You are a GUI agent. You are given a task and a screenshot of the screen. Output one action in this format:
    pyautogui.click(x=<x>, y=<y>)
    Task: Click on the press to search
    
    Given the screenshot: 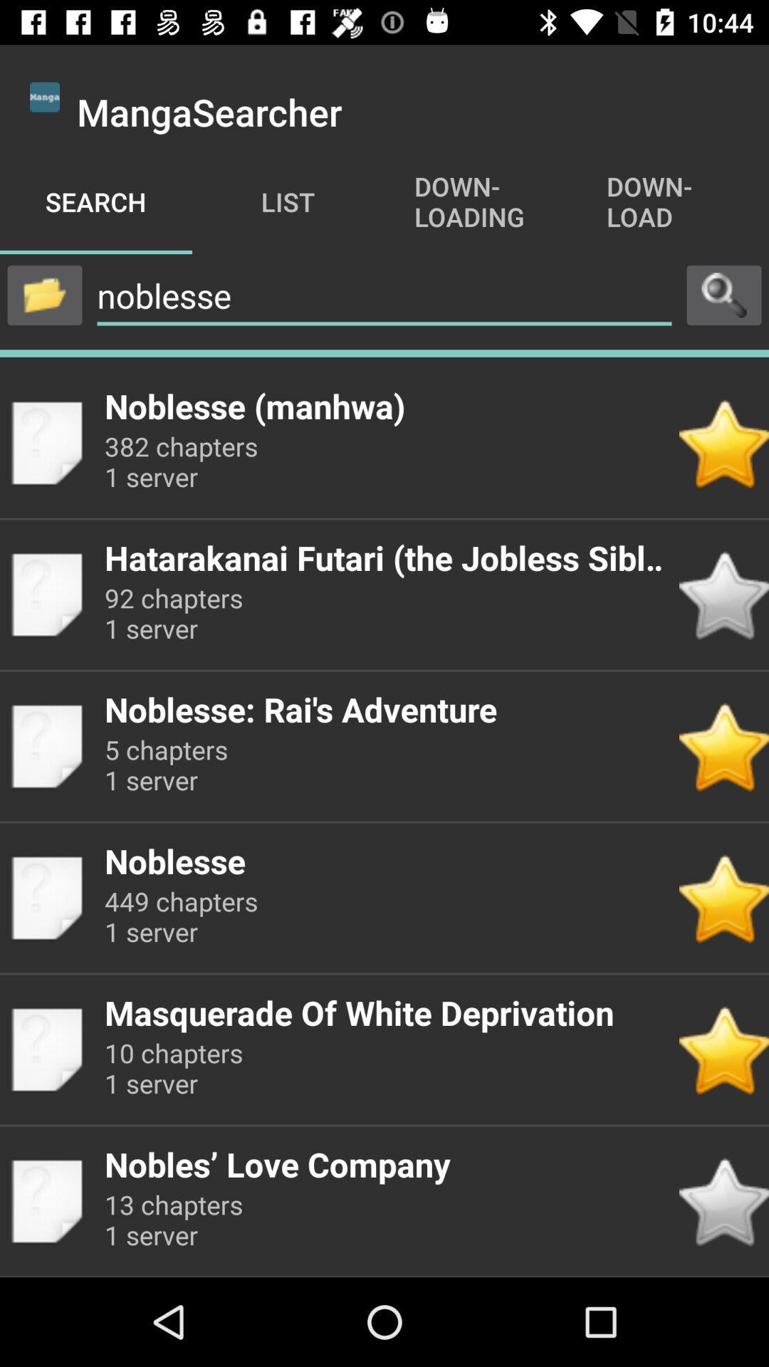 What is the action you would take?
    pyautogui.click(x=724, y=294)
    